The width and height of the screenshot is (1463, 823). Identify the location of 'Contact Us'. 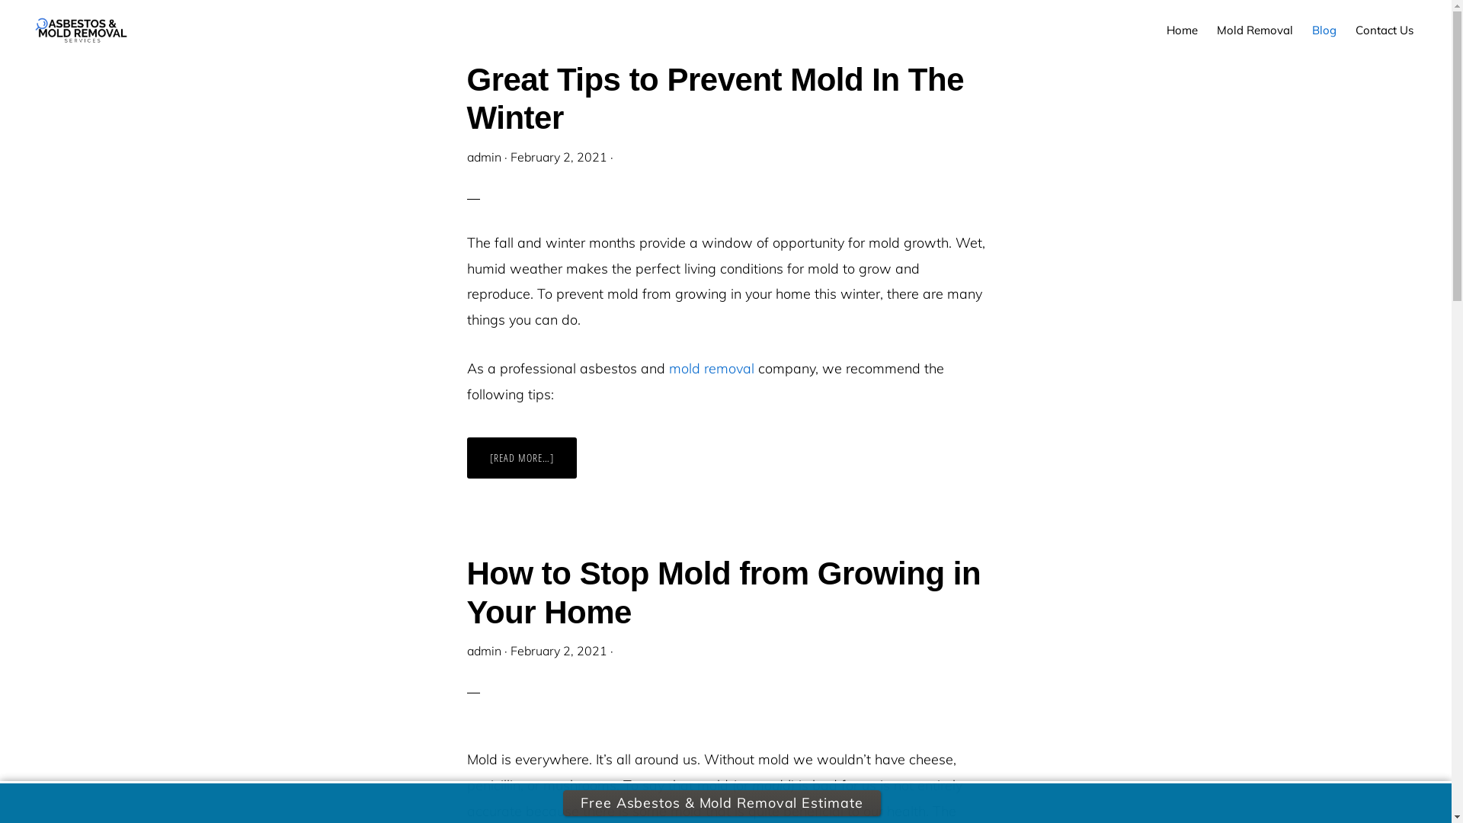
(1385, 30).